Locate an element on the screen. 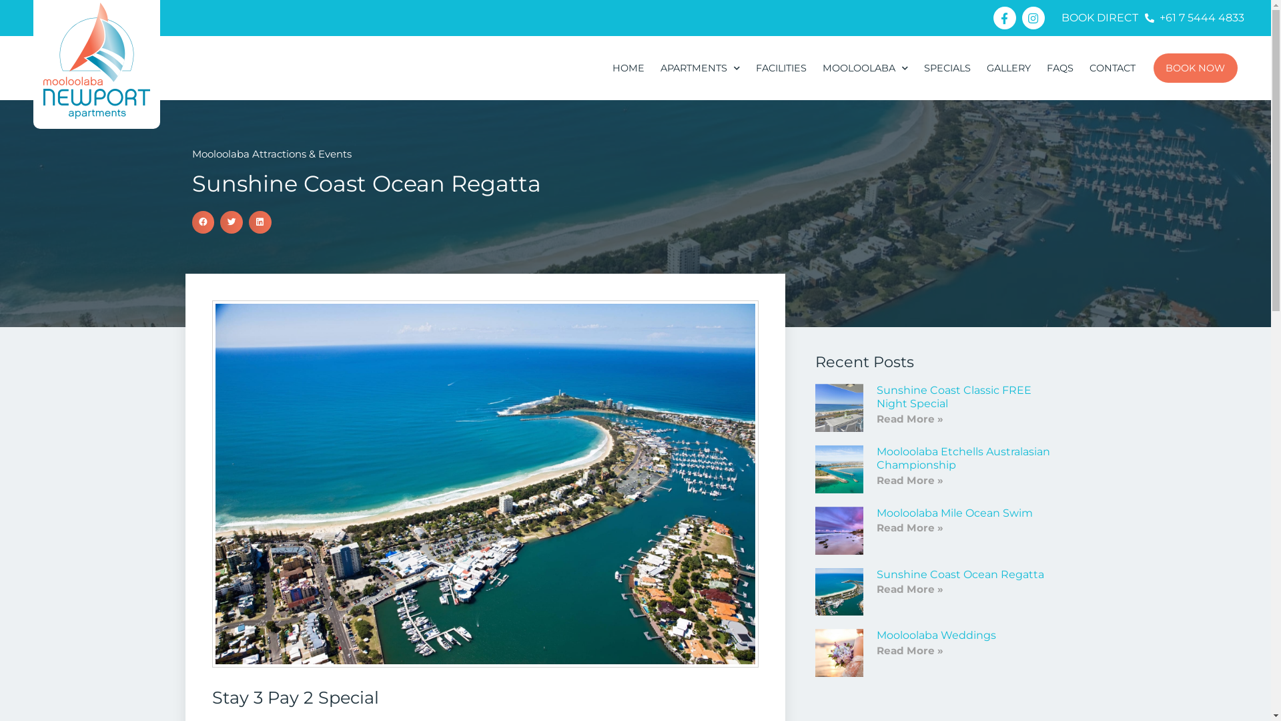 The image size is (1281, 721). 'BOOK NOW' is located at coordinates (1195, 67).